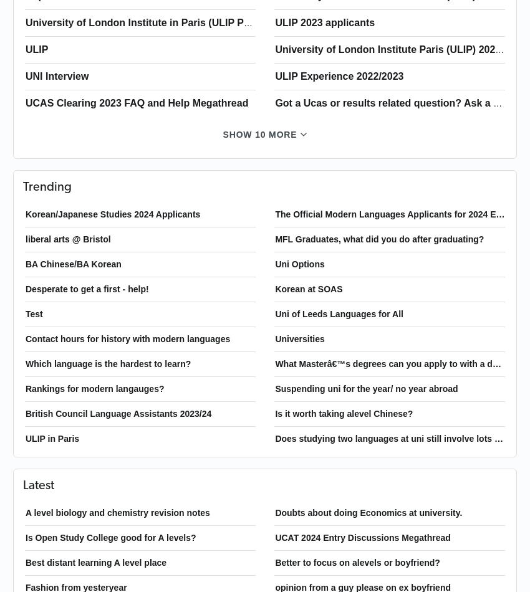 The width and height of the screenshot is (530, 592). I want to click on 'Korean at SOAS', so click(309, 288).